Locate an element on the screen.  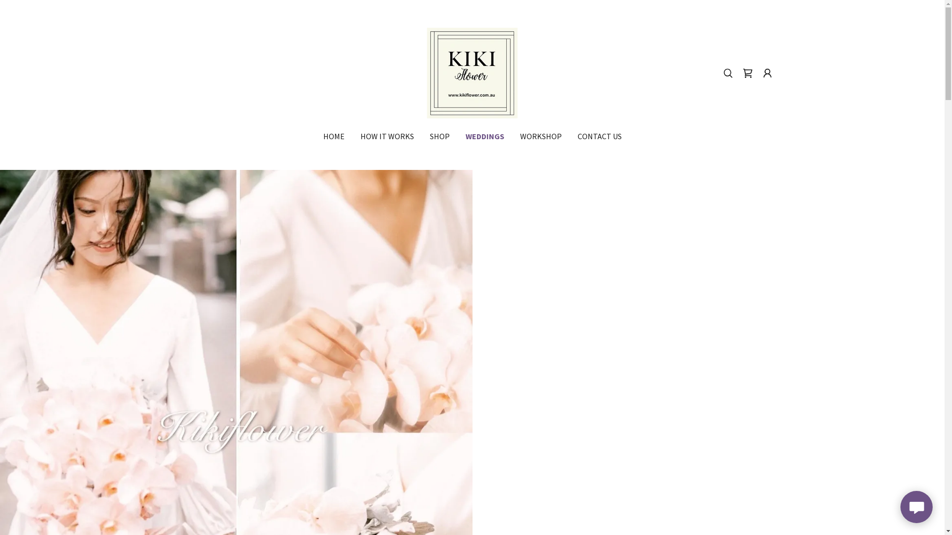
'kikiflower' is located at coordinates (472, 71).